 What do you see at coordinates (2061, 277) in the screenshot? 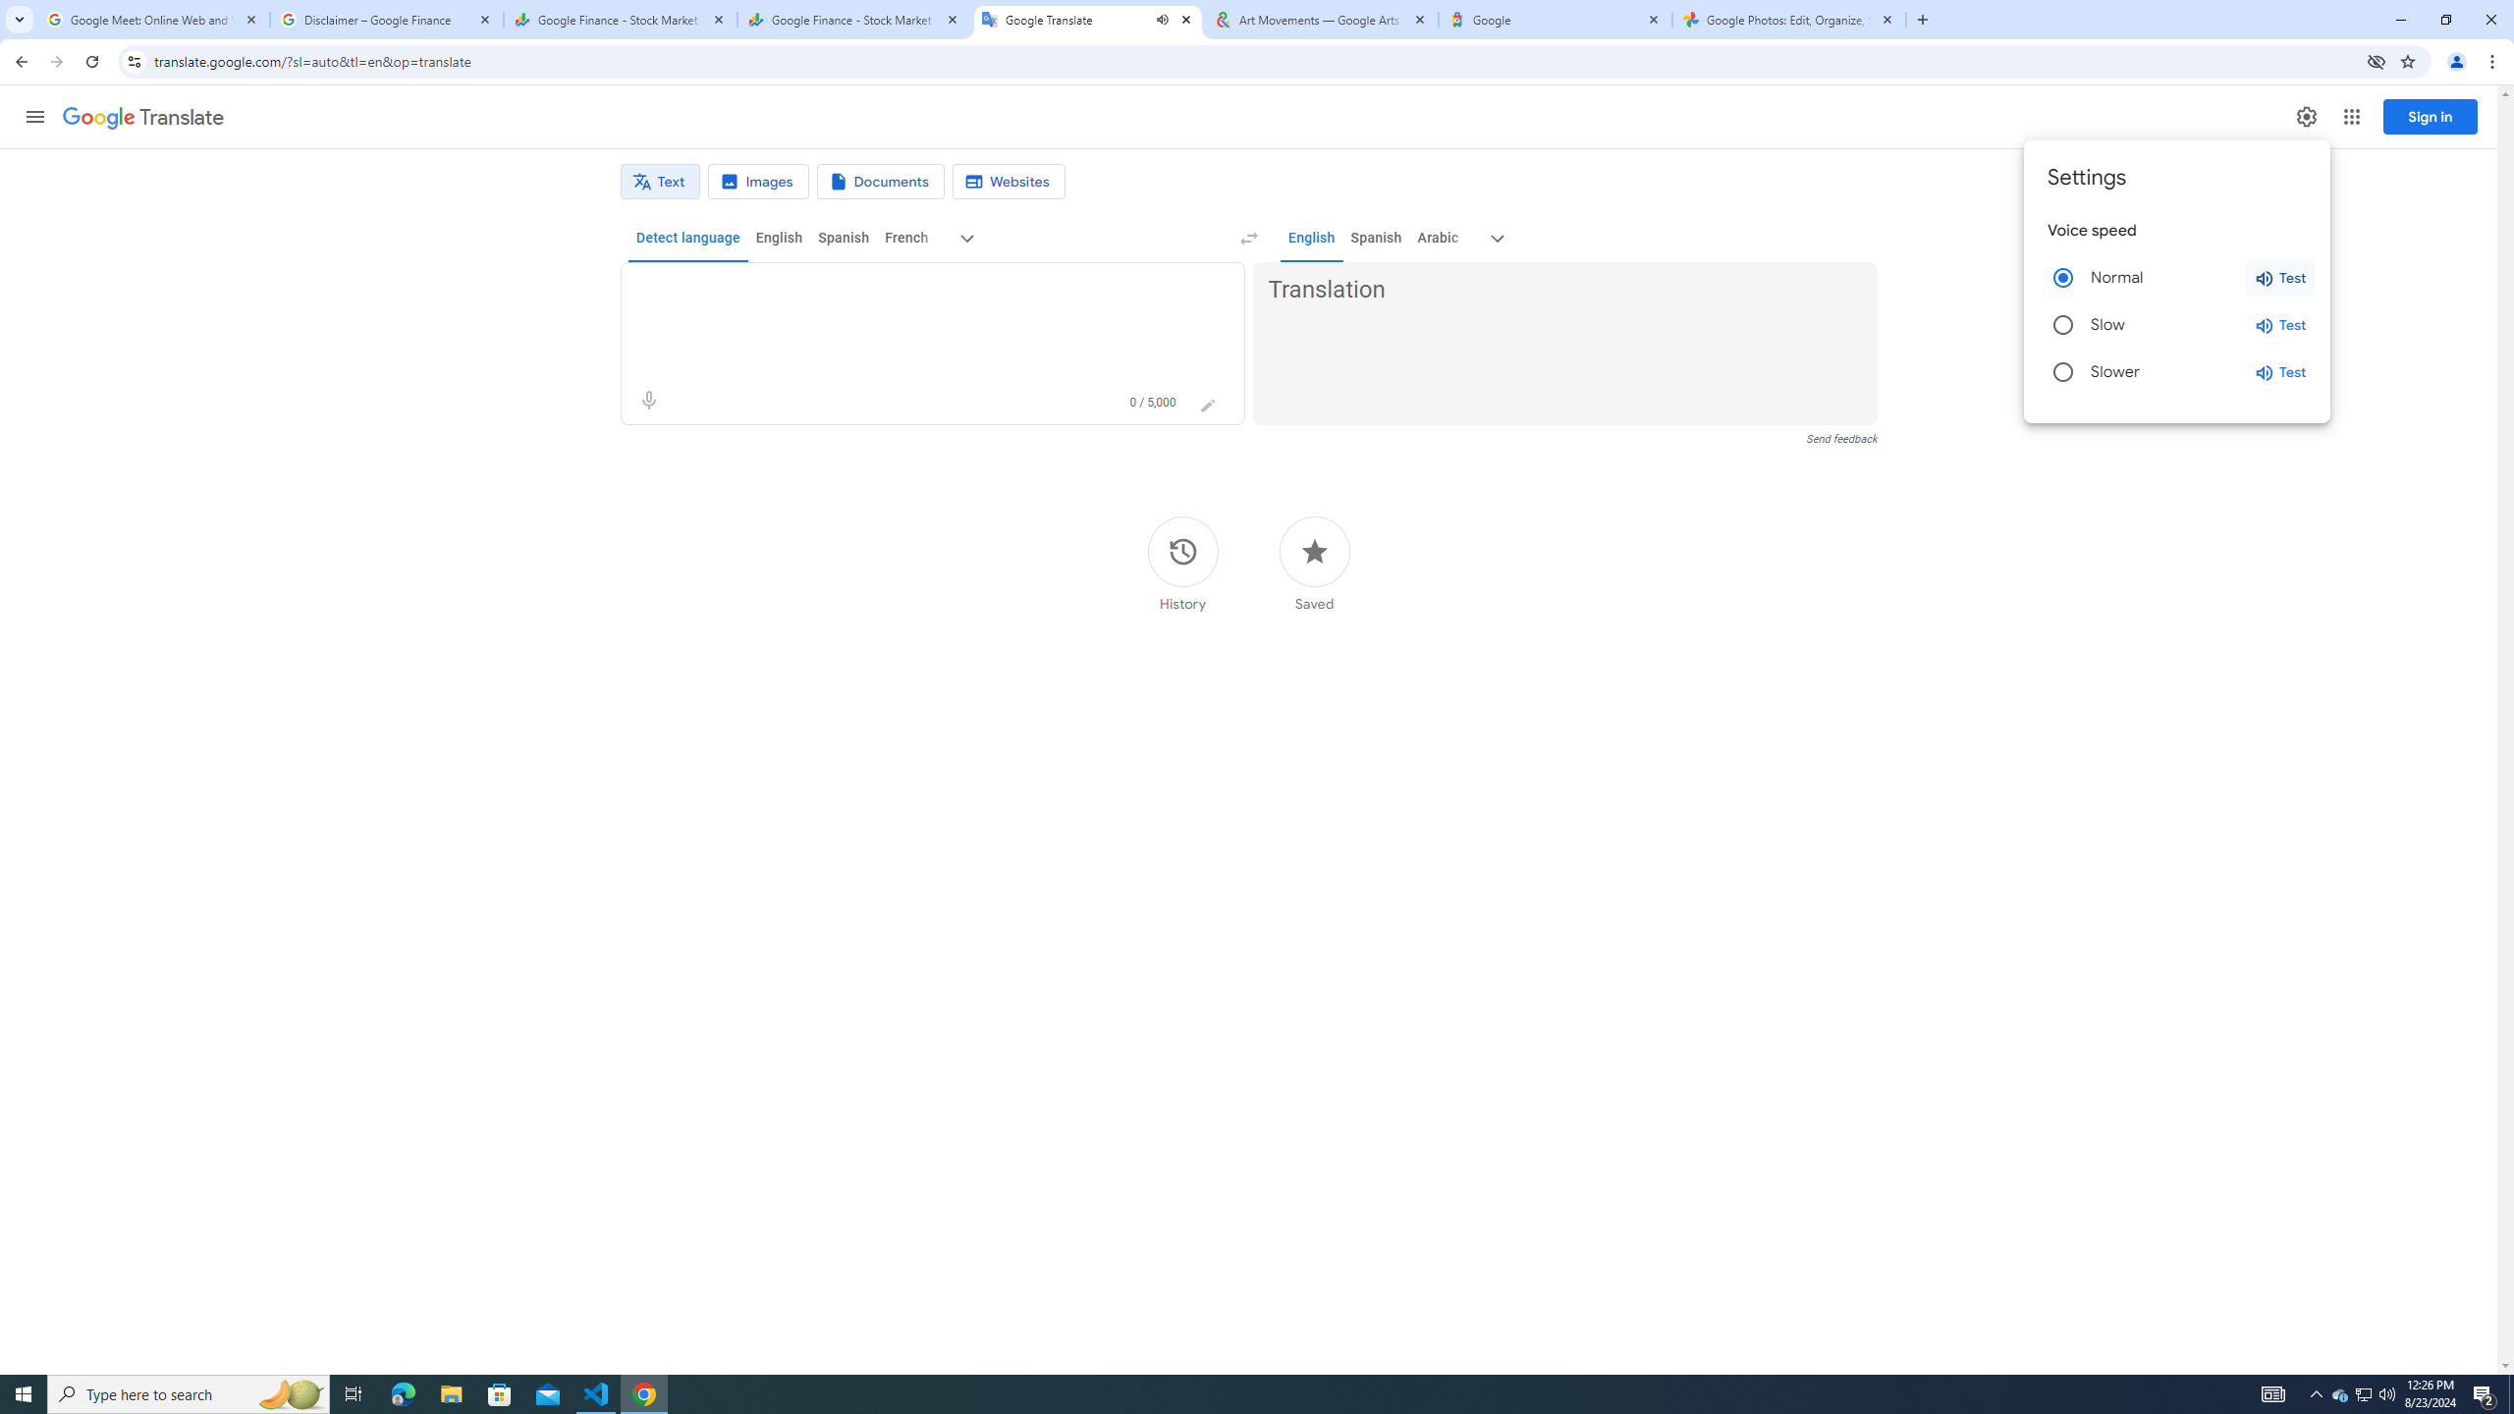
I see `'Normal'` at bounding box center [2061, 277].